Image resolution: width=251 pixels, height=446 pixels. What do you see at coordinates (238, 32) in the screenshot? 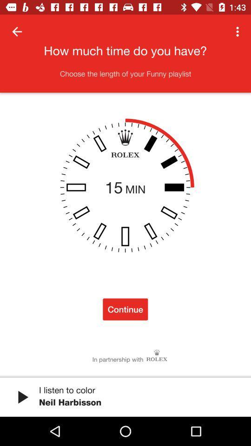
I see `the icon above choose the length` at bounding box center [238, 32].